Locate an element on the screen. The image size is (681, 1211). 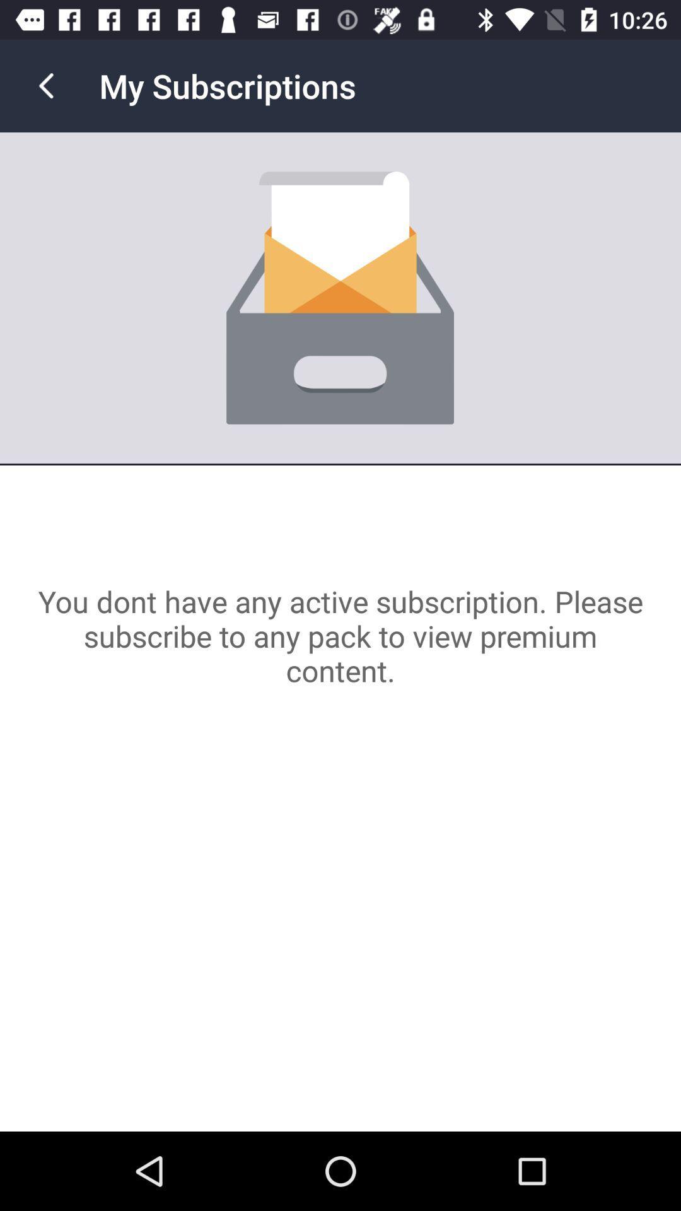
the icon to the left of the my subscriptions icon is located at coordinates (45, 85).